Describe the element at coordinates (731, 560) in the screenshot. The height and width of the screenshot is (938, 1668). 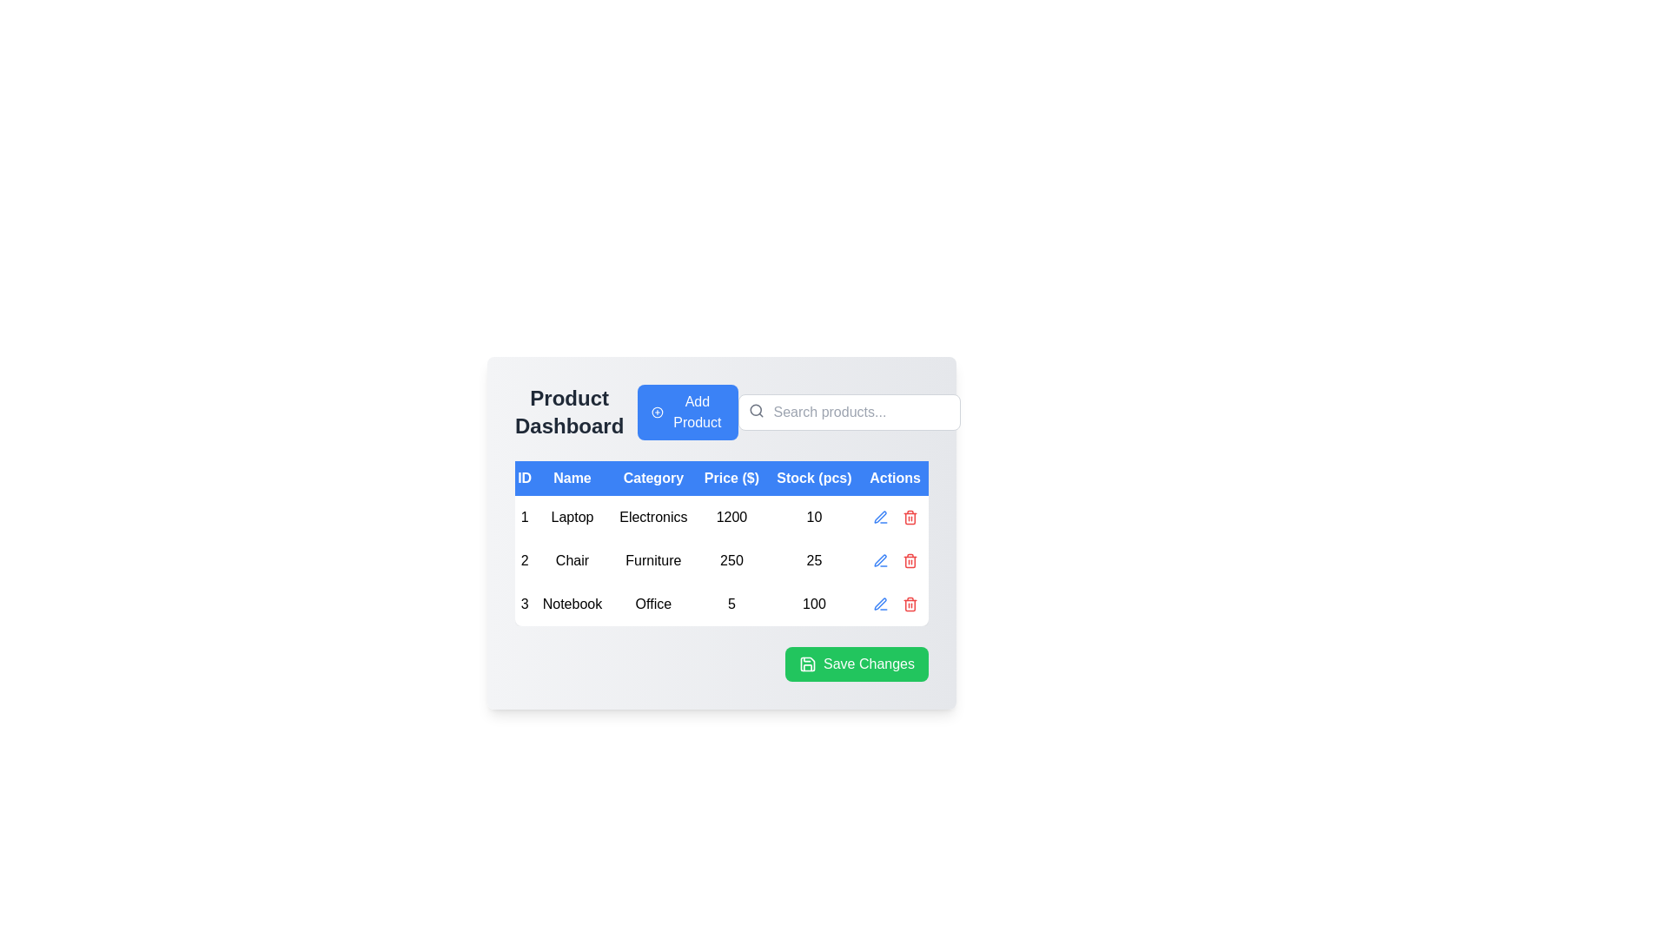
I see `the numeric text label '250' located in the 'Price ($)' column of the second row in the 'Product Dashboard' table` at that location.